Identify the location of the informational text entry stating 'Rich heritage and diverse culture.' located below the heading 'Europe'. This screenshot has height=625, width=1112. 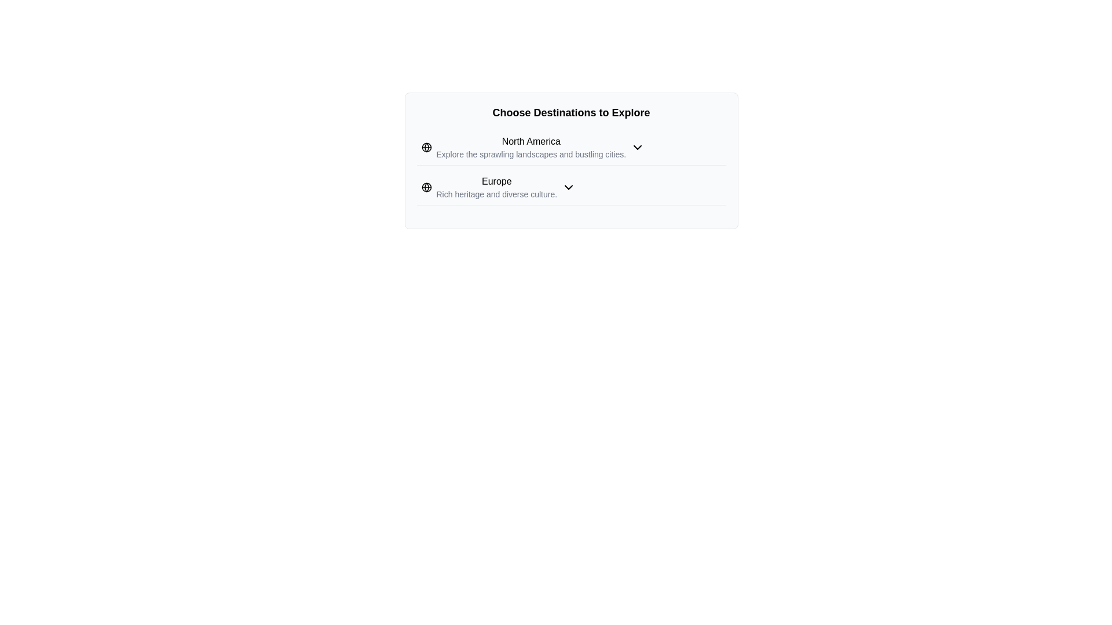
(496, 193).